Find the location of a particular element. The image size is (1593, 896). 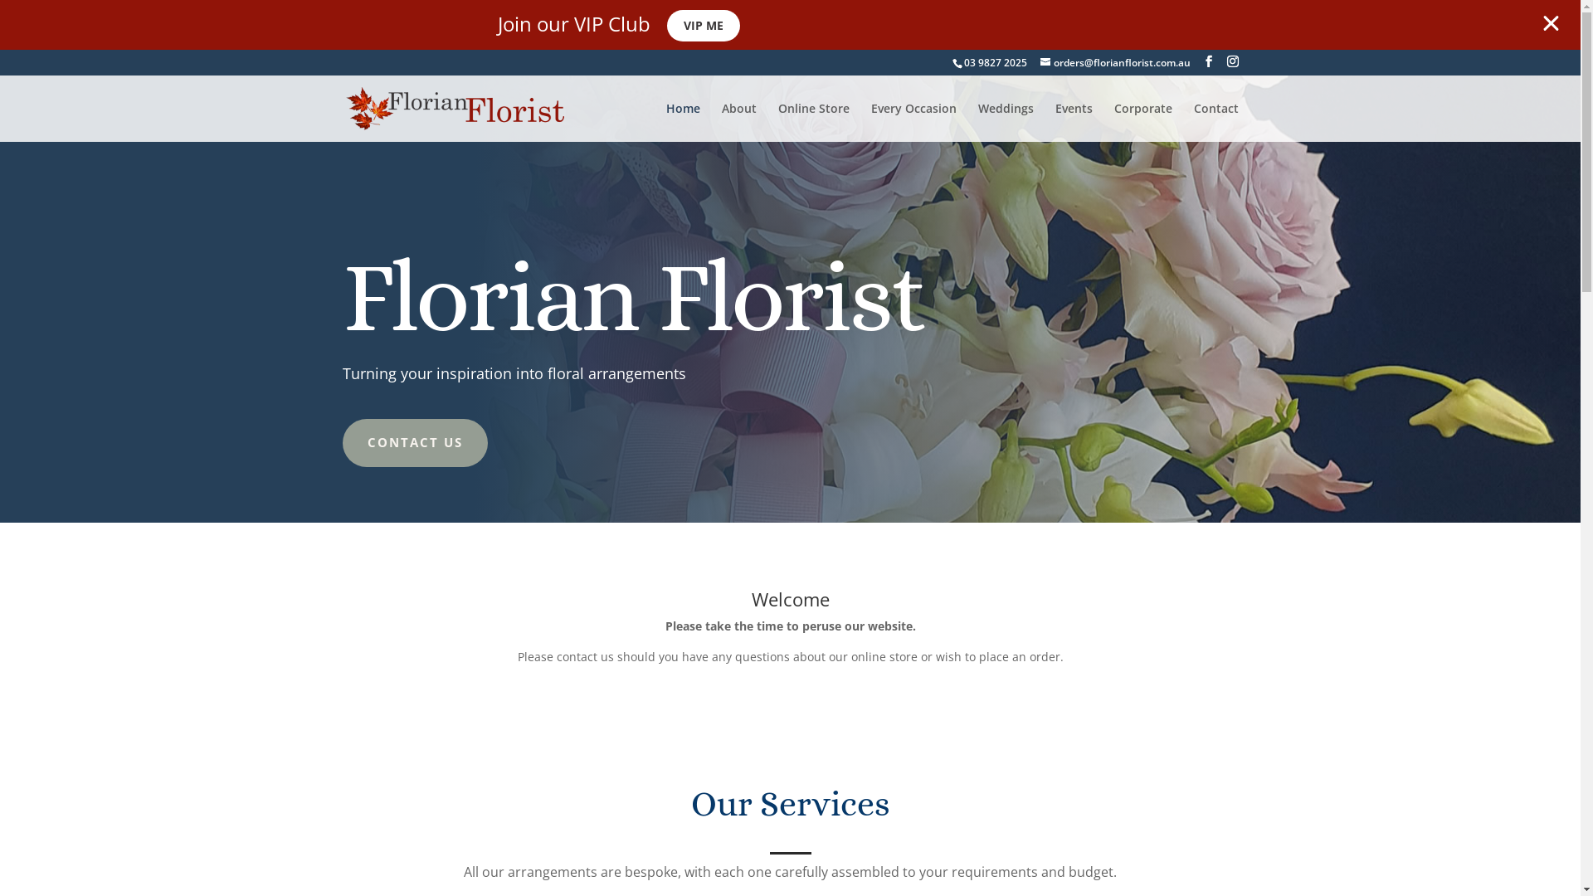

'Weddings' is located at coordinates (1004, 121).